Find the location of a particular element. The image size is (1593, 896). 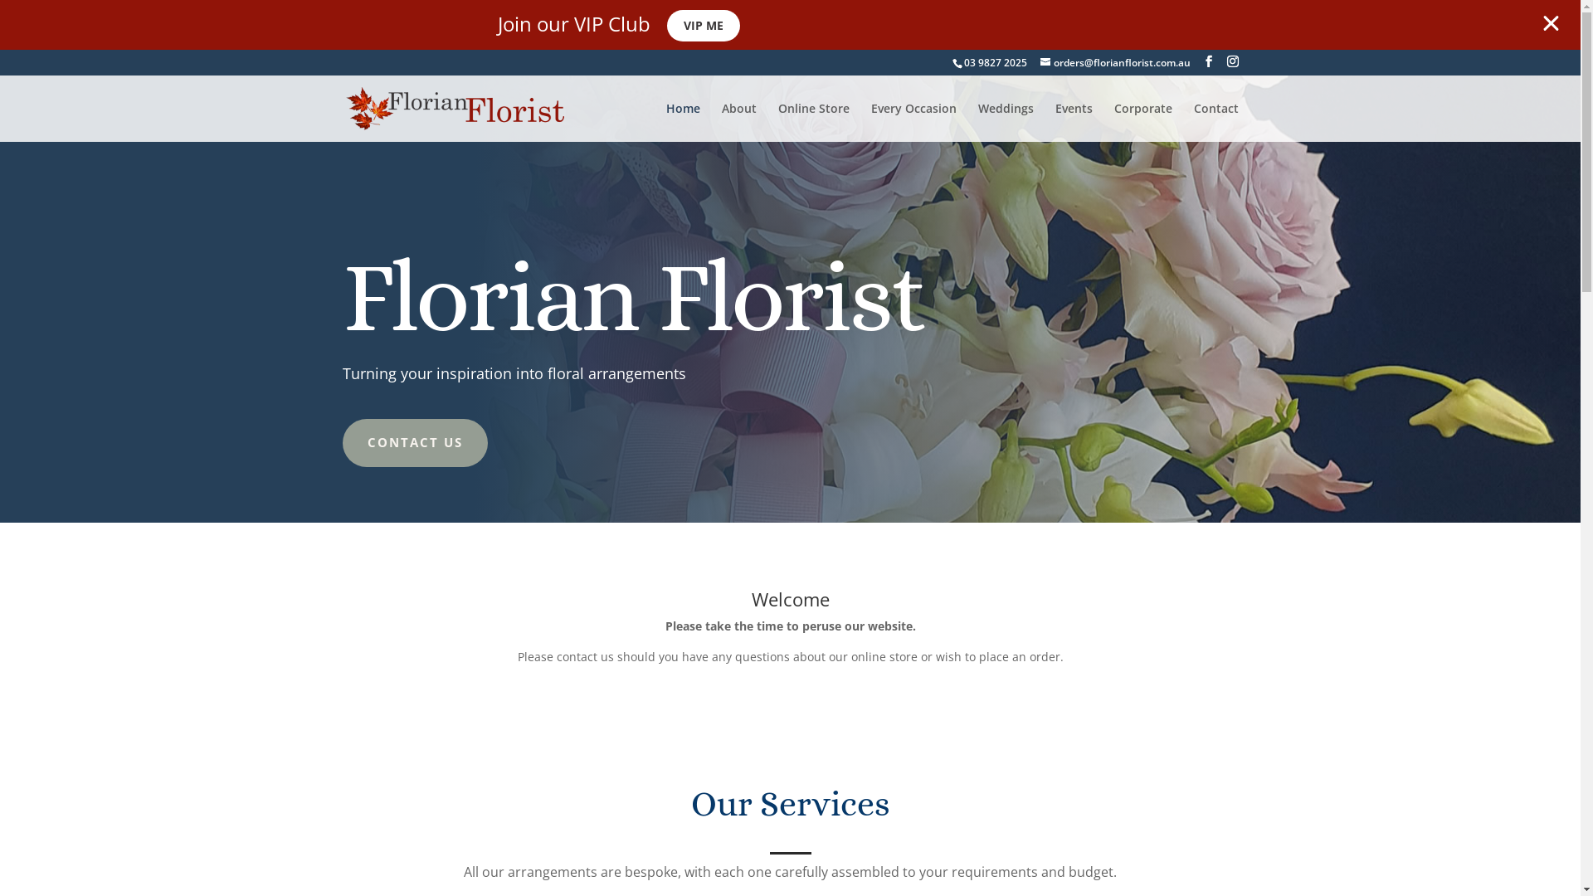

'Weddings' is located at coordinates (1004, 121).